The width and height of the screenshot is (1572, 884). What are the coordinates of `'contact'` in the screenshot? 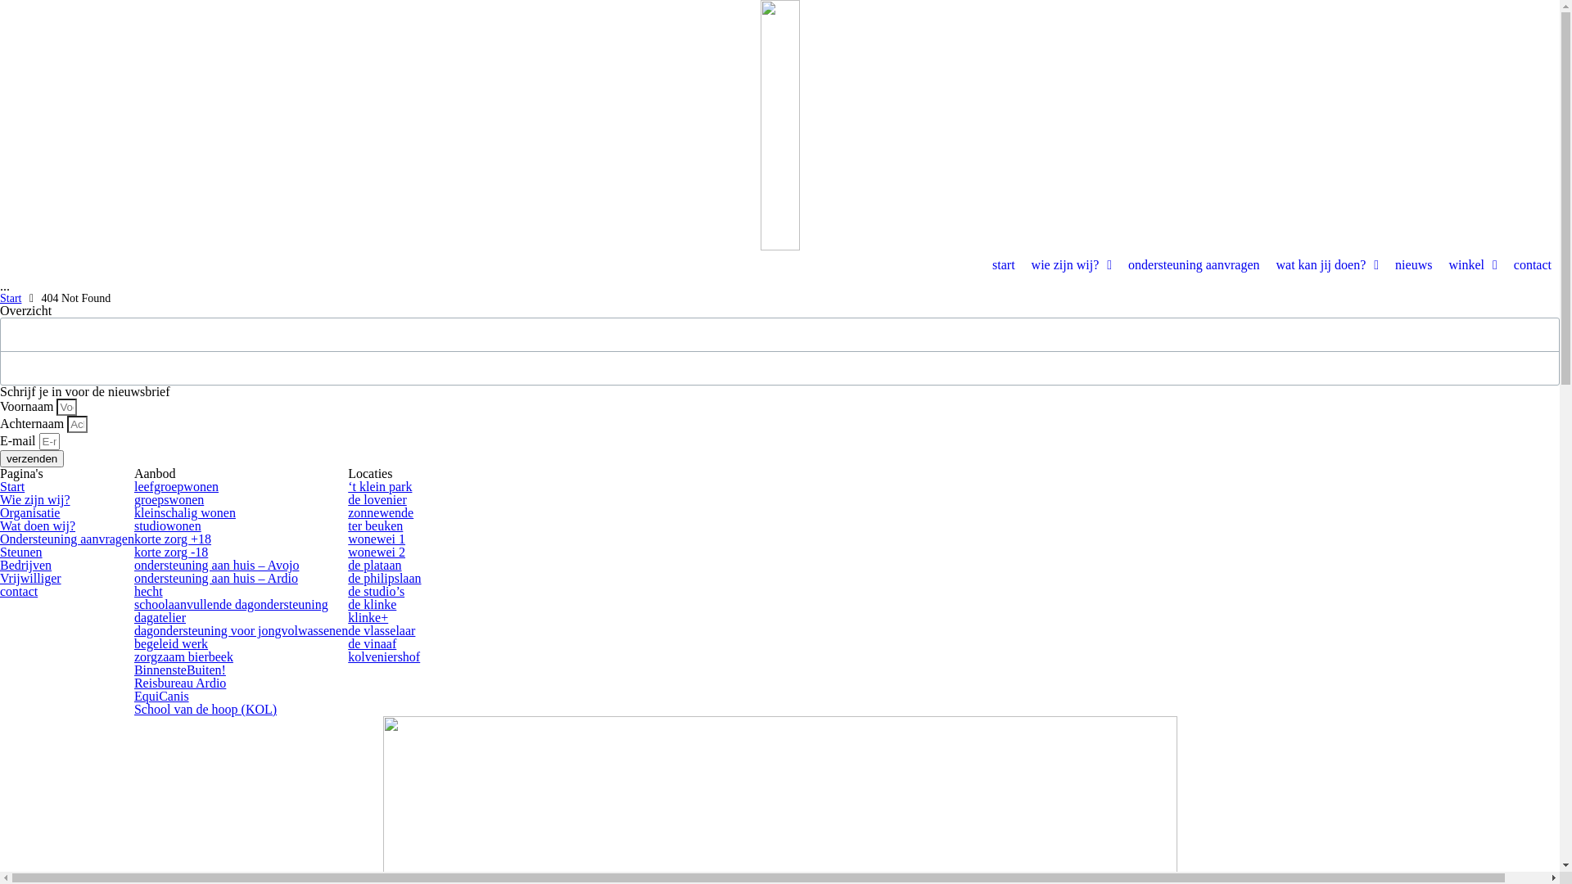 It's located at (1532, 264).